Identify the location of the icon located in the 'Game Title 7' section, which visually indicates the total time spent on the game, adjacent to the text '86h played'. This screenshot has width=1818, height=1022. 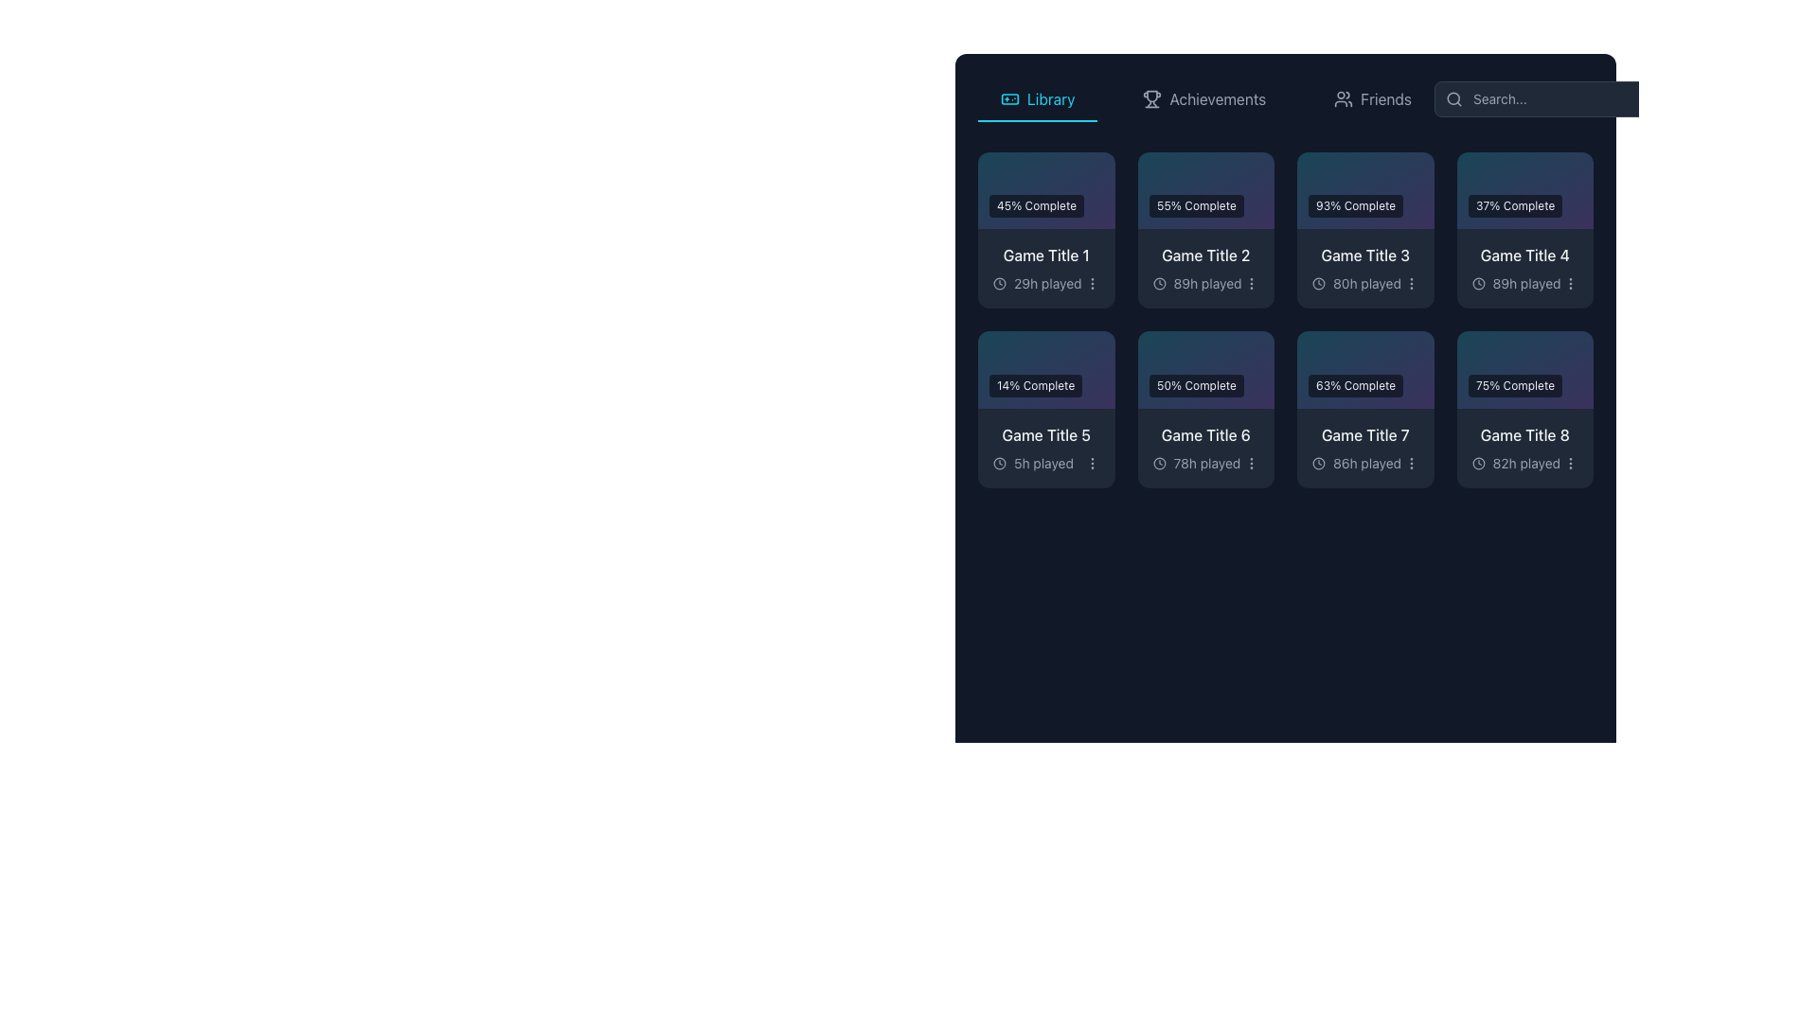
(1317, 463).